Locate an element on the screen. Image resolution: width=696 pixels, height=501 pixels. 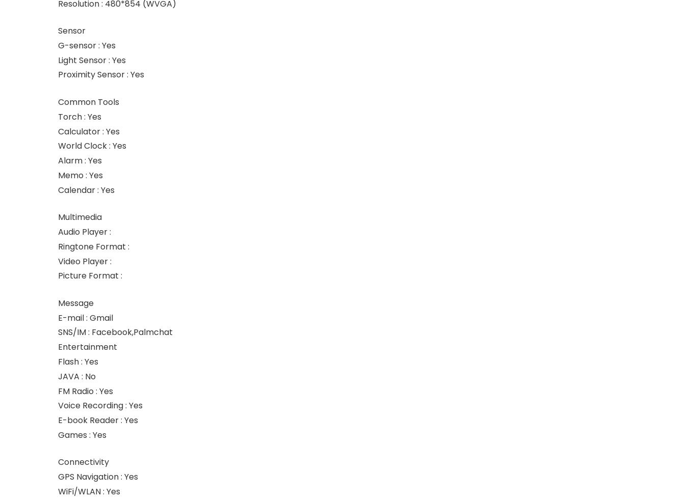
'Proximity Sensor : Yes' is located at coordinates (100, 74).